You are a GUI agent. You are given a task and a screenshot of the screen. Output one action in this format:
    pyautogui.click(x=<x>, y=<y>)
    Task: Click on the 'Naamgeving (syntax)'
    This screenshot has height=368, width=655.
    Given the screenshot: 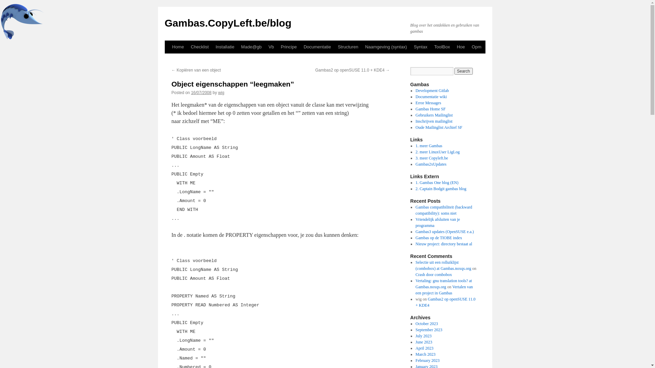 What is the action you would take?
    pyautogui.click(x=361, y=47)
    